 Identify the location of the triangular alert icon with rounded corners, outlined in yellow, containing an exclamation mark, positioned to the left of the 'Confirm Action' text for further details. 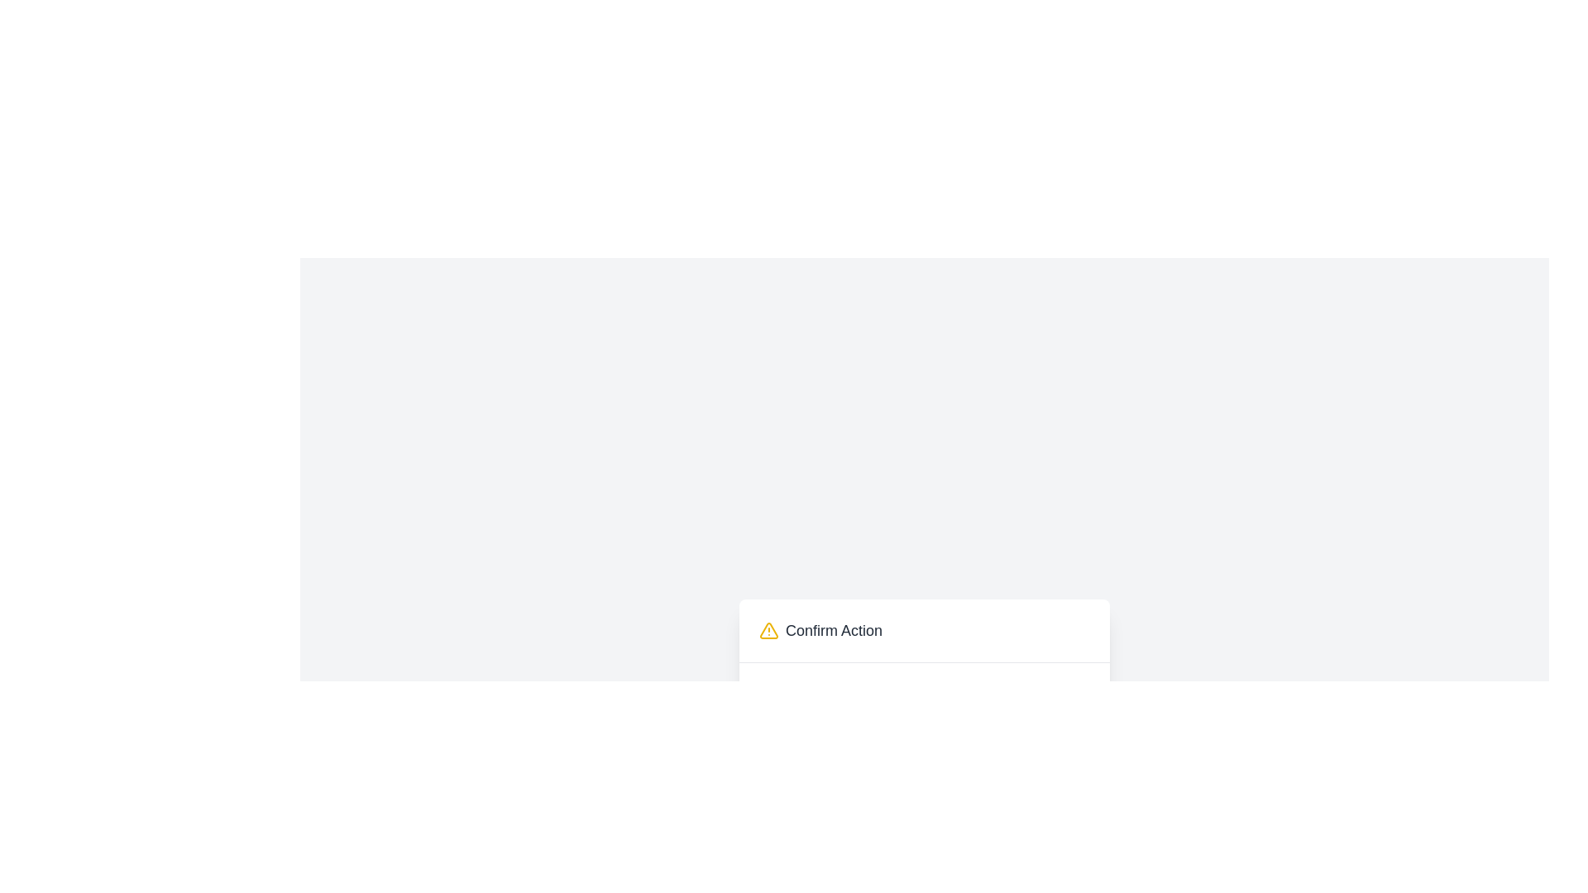
(768, 631).